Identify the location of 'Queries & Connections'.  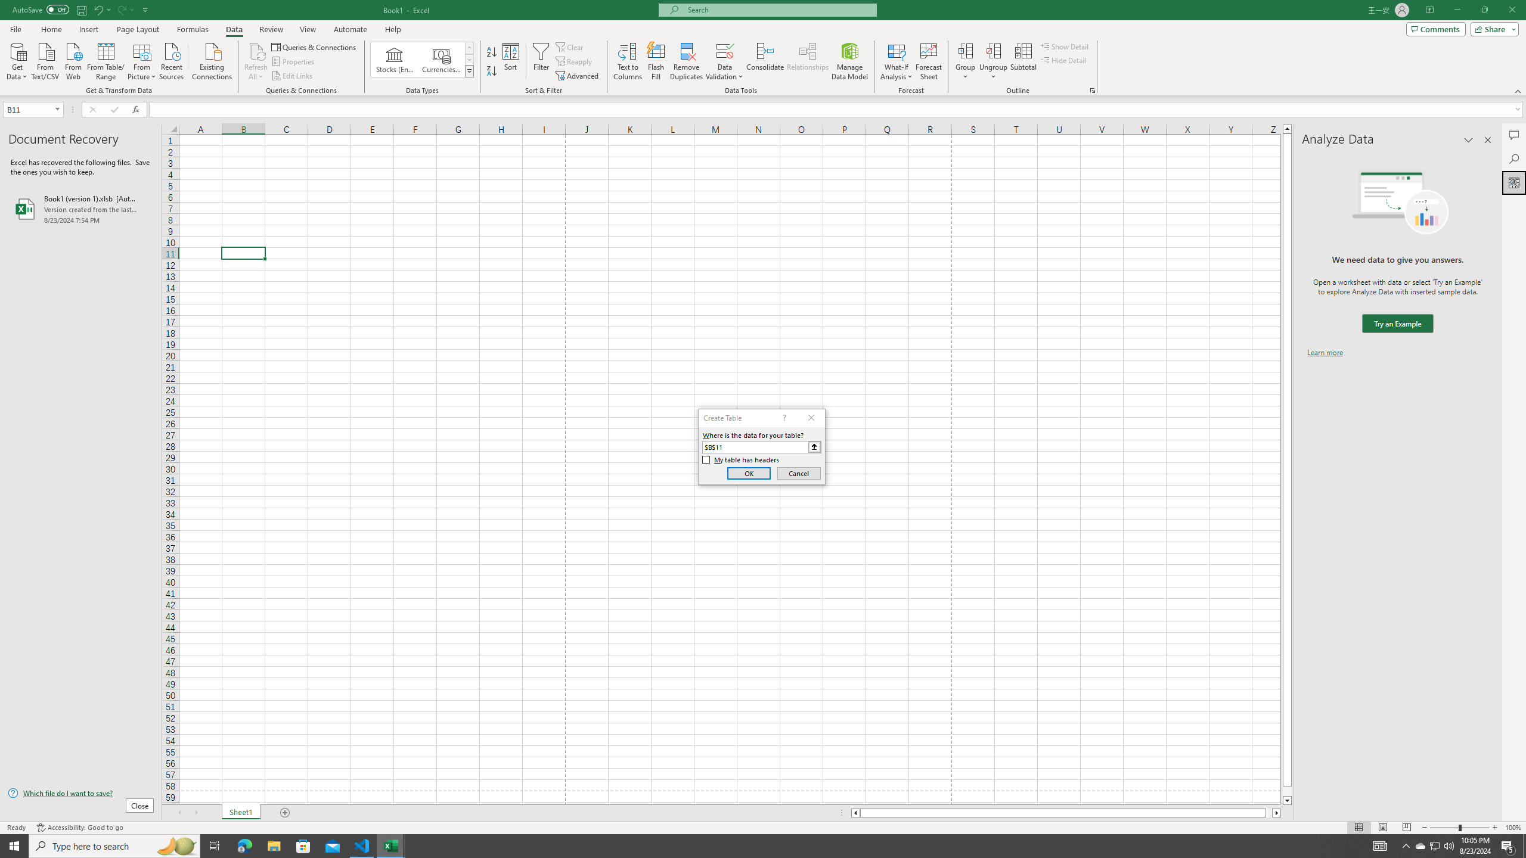
(314, 46).